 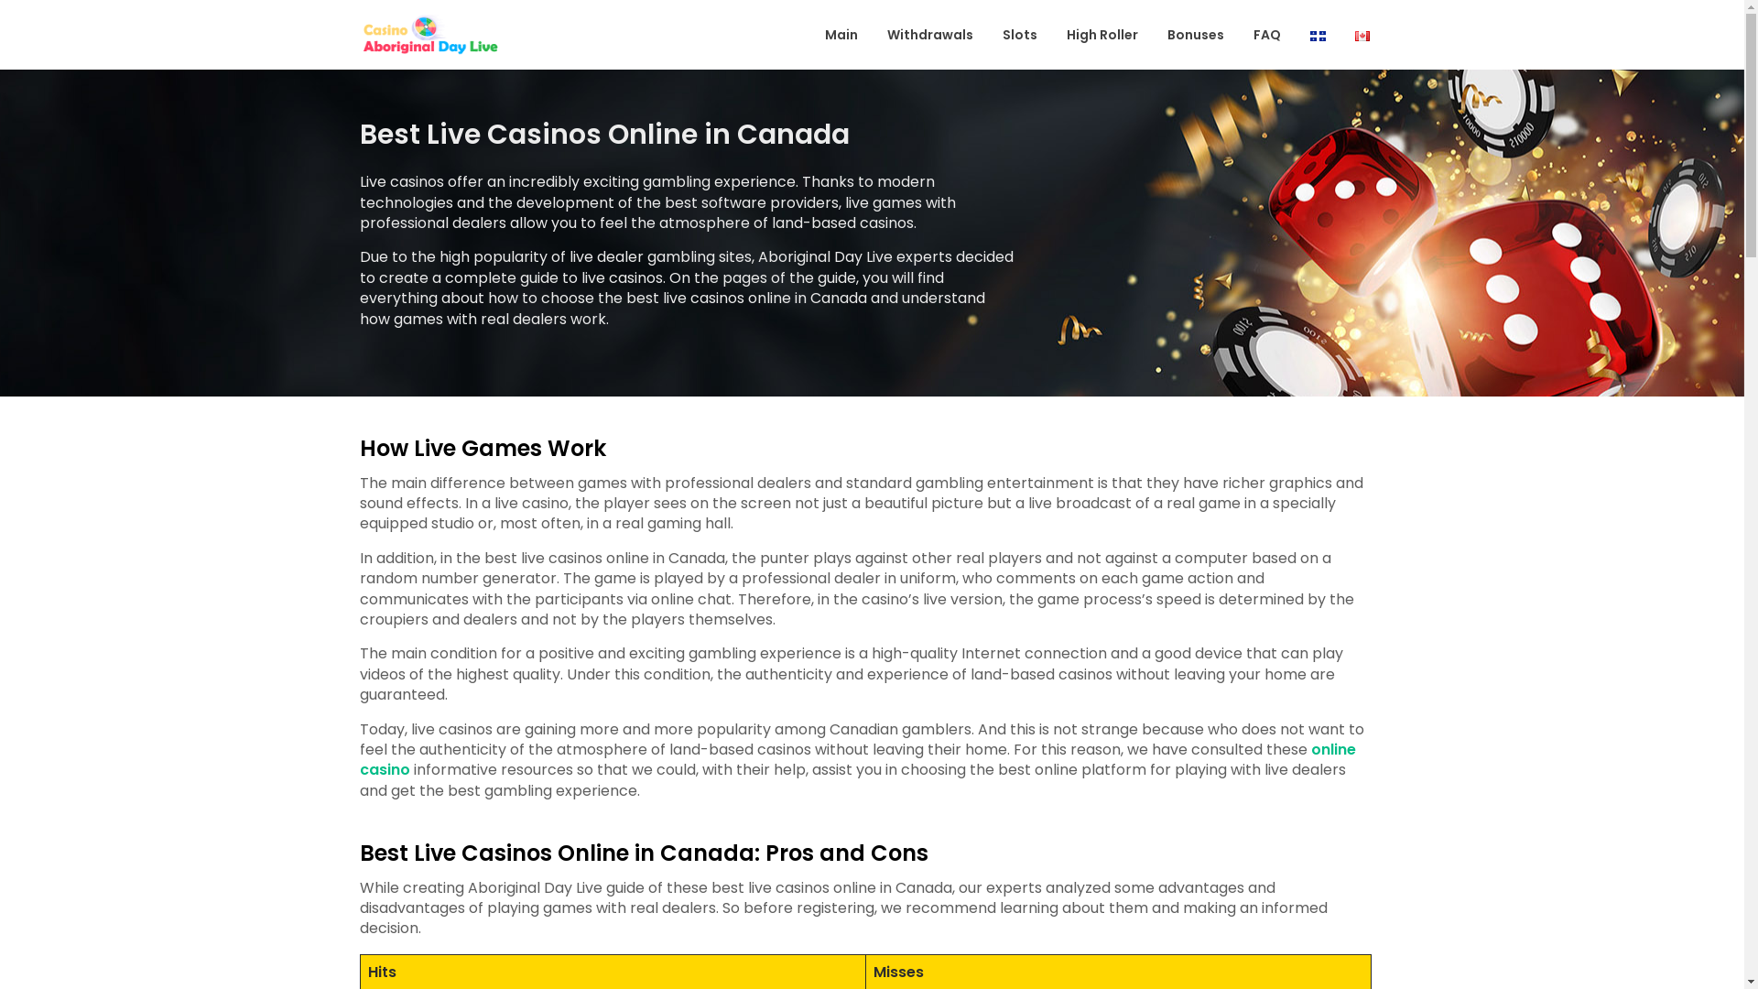 I want to click on 'FAQ', so click(x=1239, y=35).